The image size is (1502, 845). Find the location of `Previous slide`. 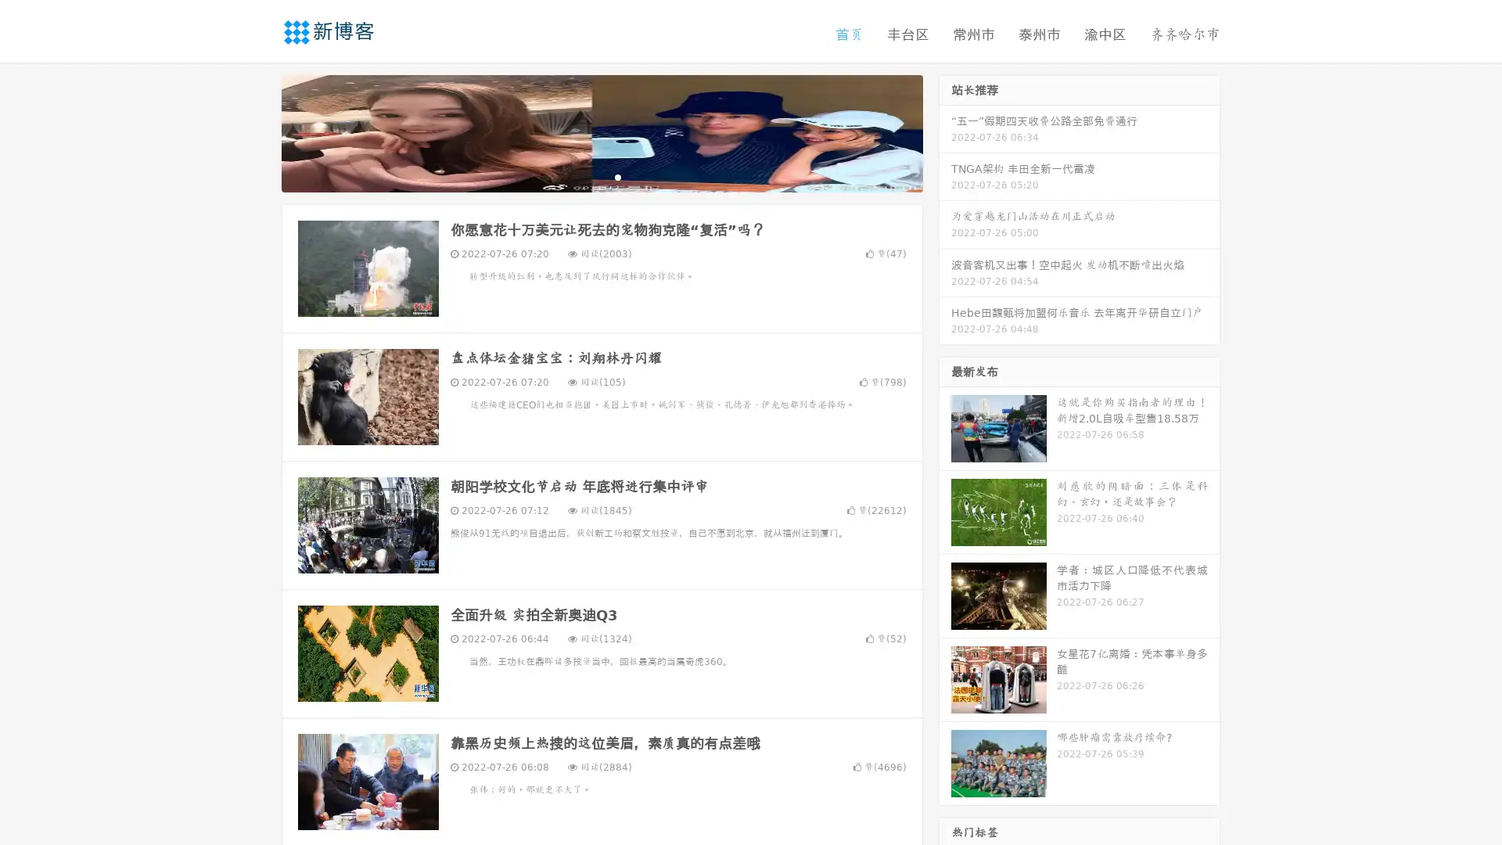

Previous slide is located at coordinates (258, 131).